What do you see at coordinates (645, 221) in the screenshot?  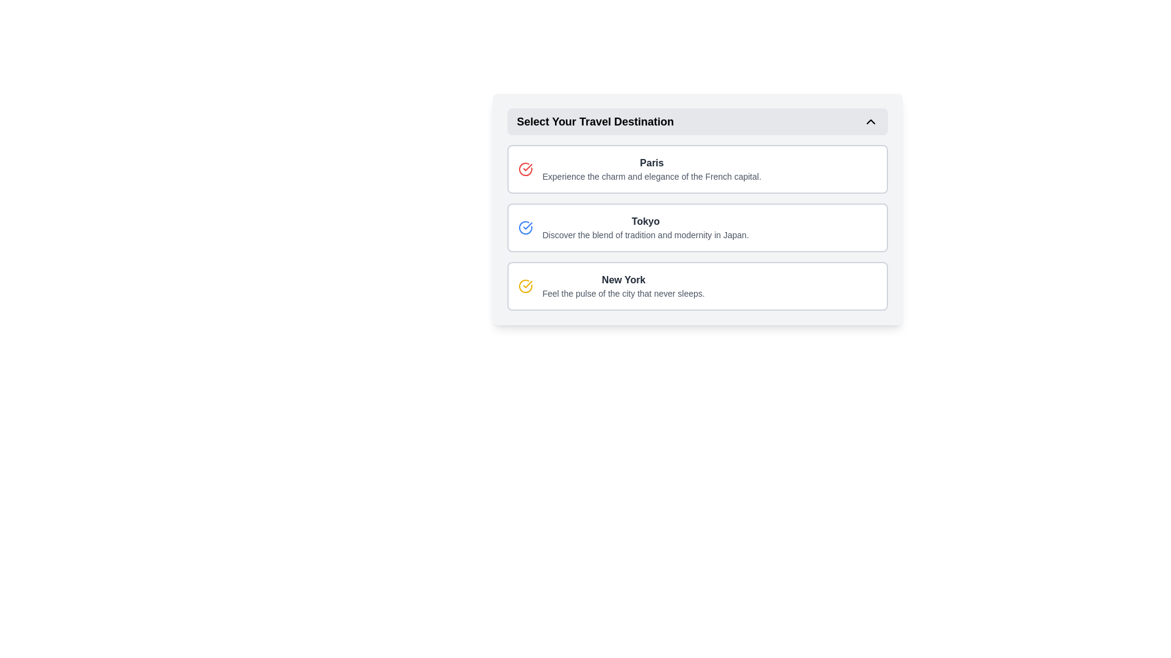 I see `text label for 'Tokyo', which serves as the title for the corresponding descriptive text in the travel destination selection interface` at bounding box center [645, 221].